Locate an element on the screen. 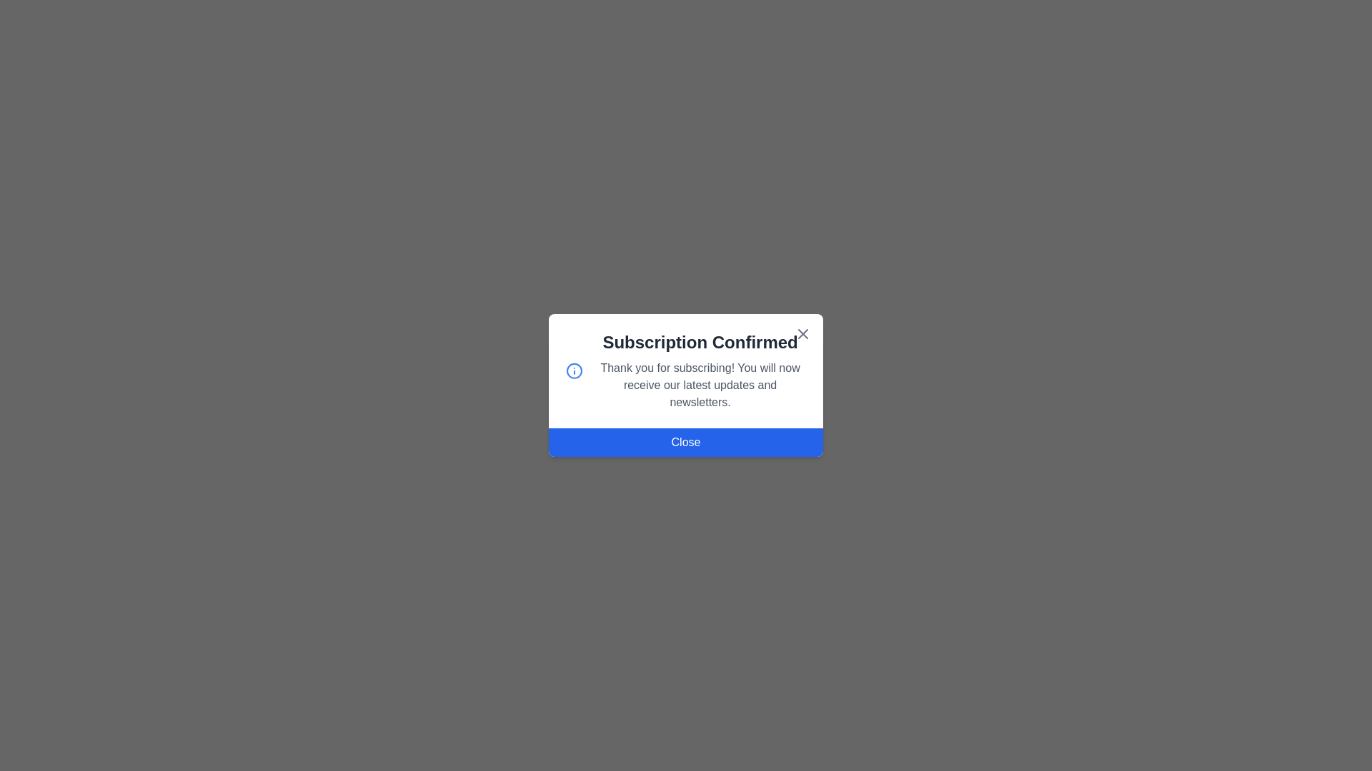 The width and height of the screenshot is (1372, 771). the 'Subscription Confirmed' heading text is located at coordinates (700, 342).